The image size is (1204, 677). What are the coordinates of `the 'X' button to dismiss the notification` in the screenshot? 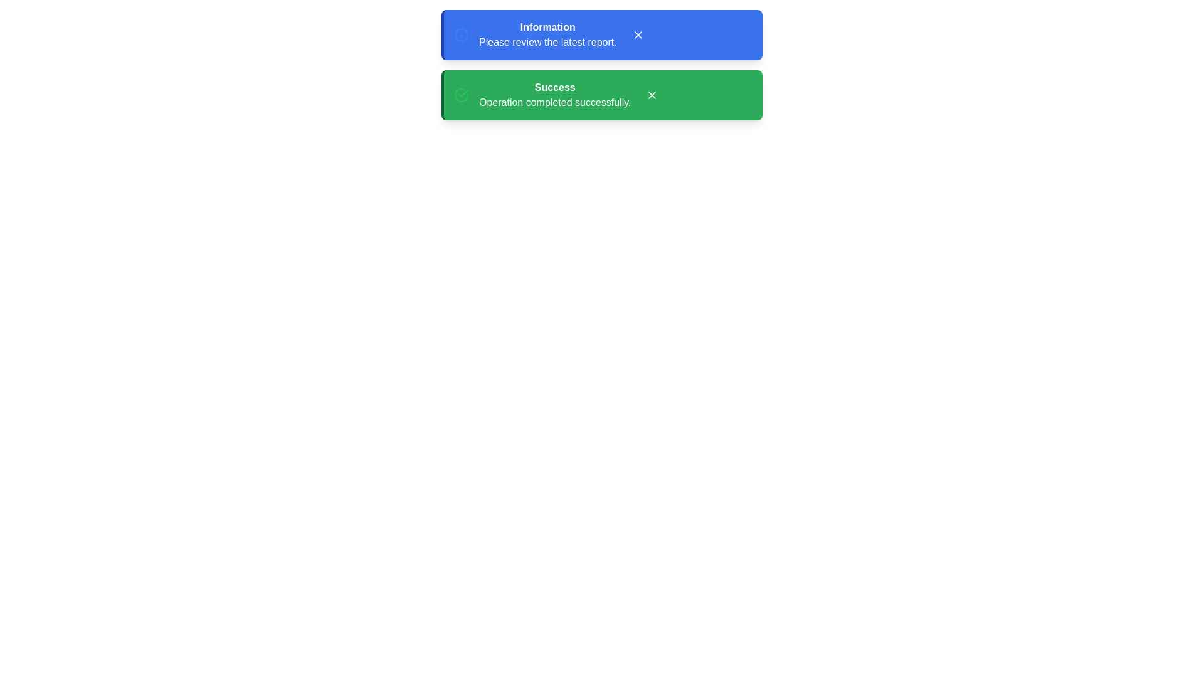 It's located at (638, 34).